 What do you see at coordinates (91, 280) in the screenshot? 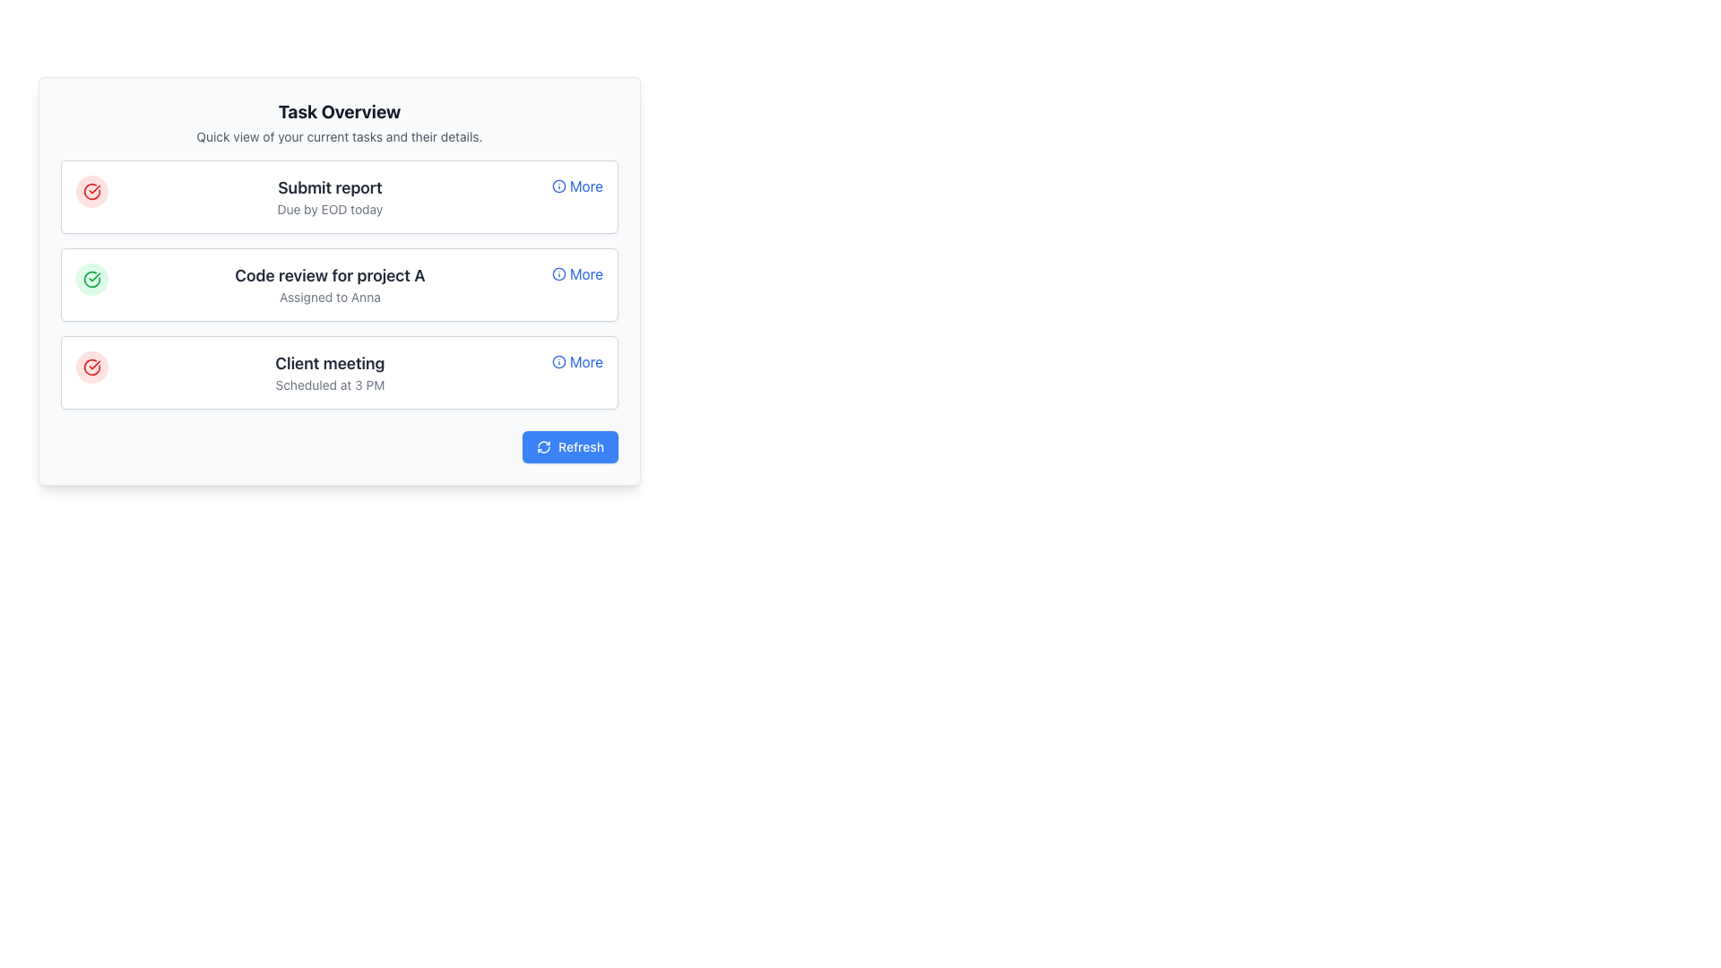
I see `the circular green icon button with a checkmark, which is the second icon` at bounding box center [91, 280].